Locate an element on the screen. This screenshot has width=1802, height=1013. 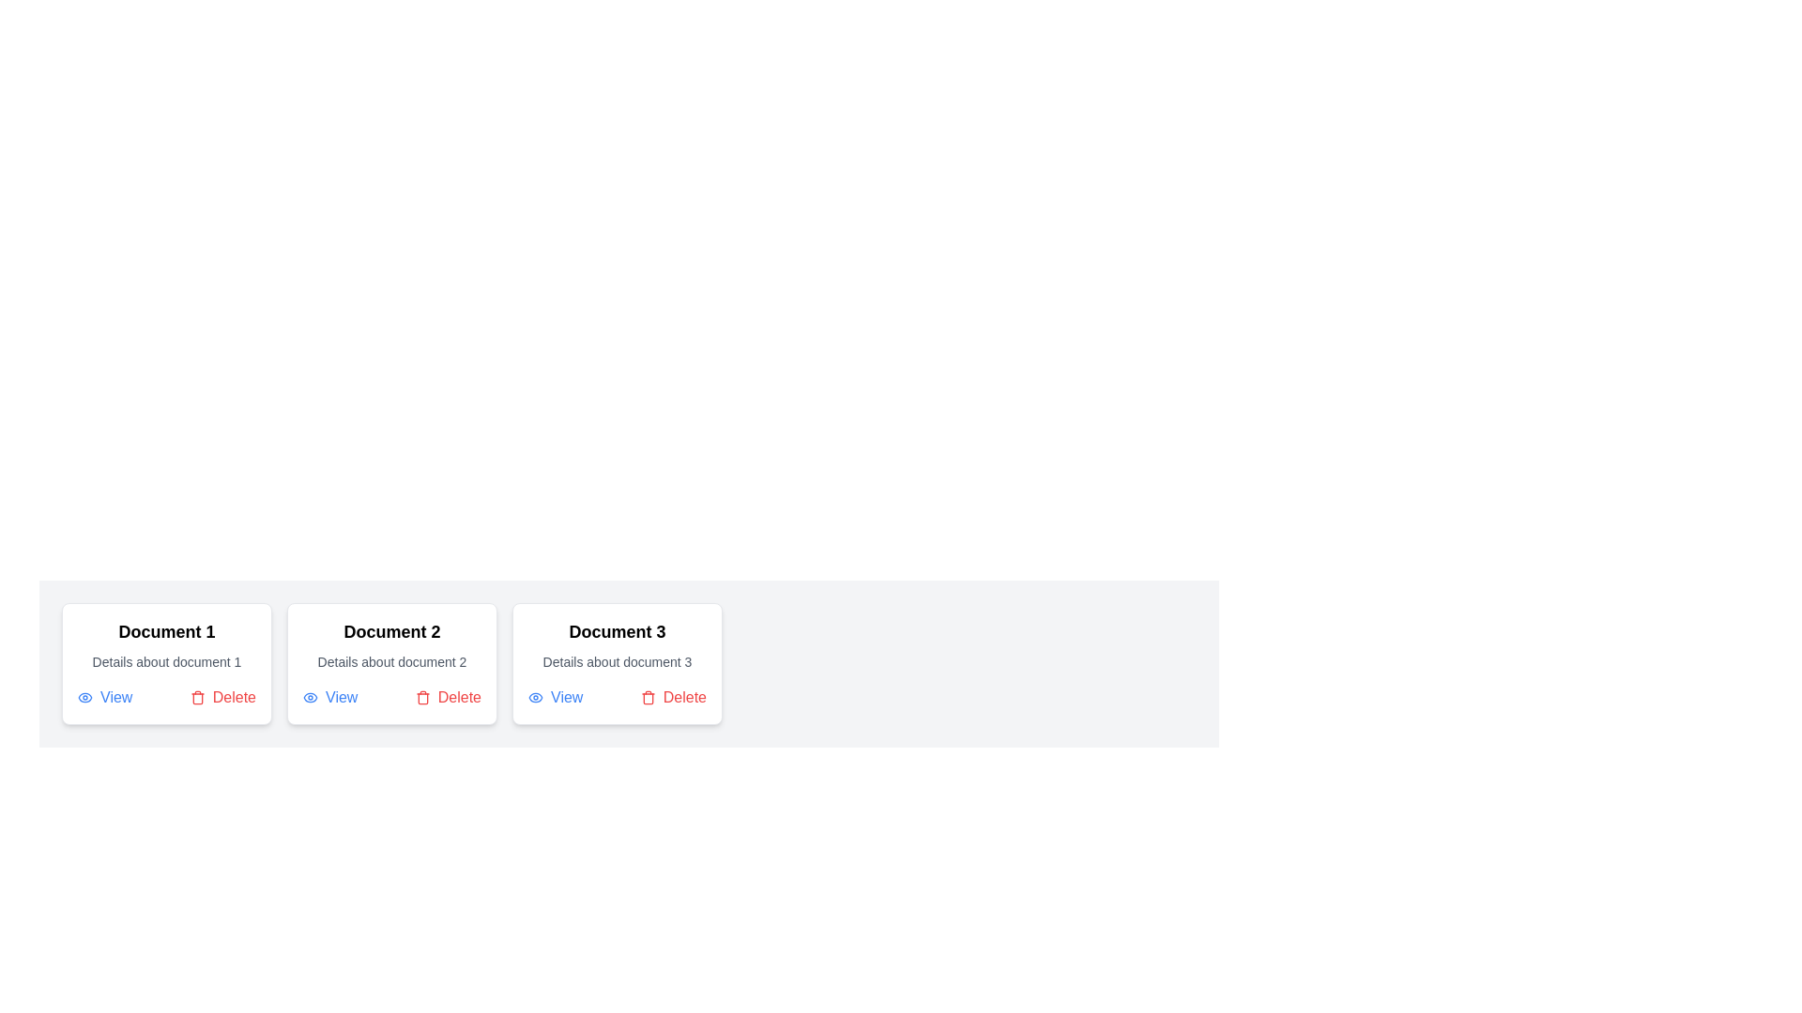
the static text label that serves as the title or heading for the document in the center card of the horizontally aligned group is located at coordinates (390, 632).